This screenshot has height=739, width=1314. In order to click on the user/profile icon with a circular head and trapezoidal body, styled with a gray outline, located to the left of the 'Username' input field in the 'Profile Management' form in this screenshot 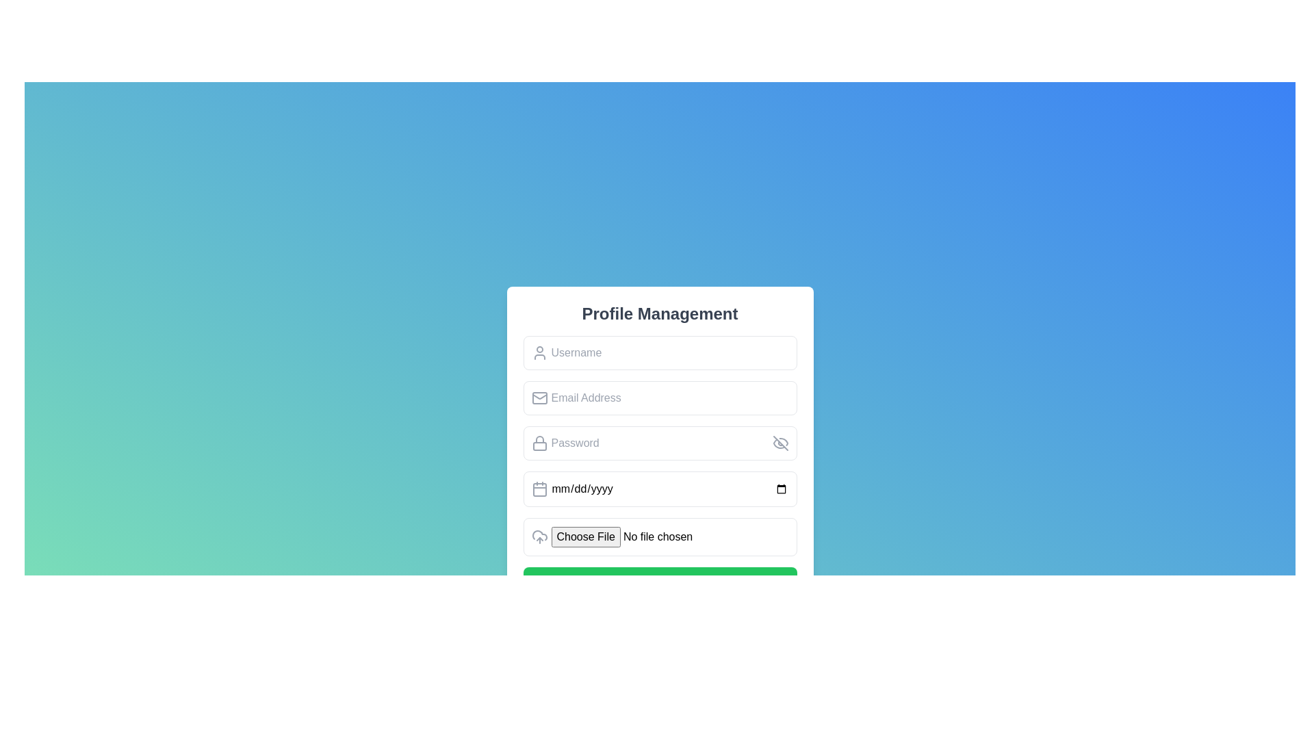, I will do `click(539, 352)`.